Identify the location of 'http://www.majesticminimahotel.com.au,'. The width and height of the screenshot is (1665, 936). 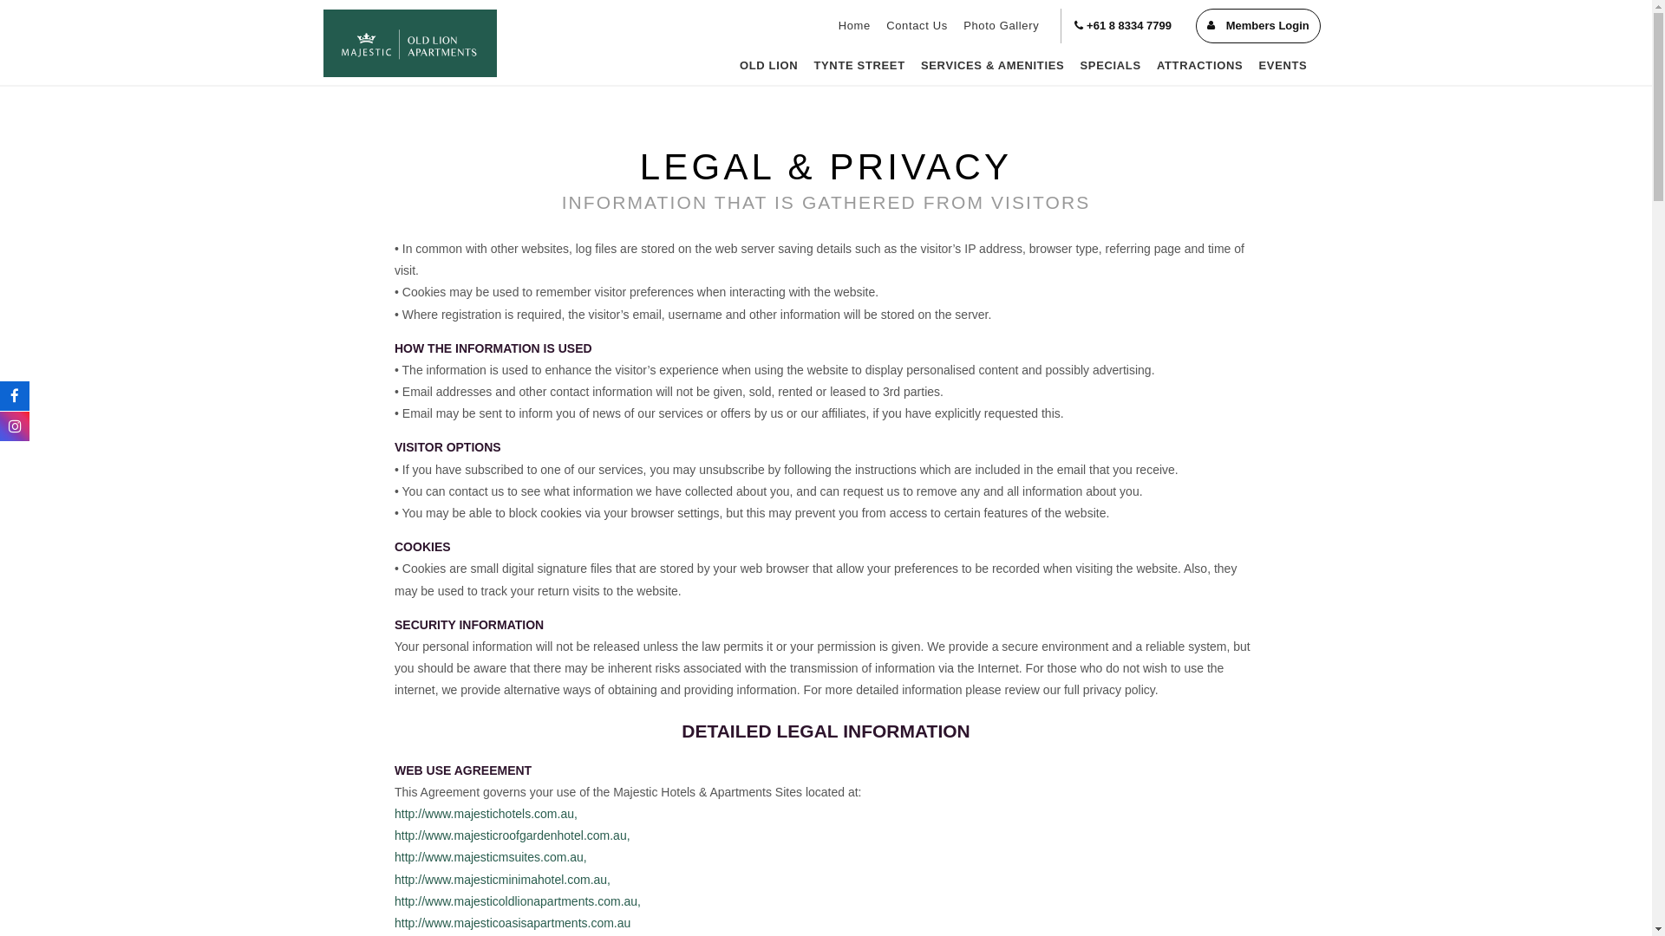
(501, 879).